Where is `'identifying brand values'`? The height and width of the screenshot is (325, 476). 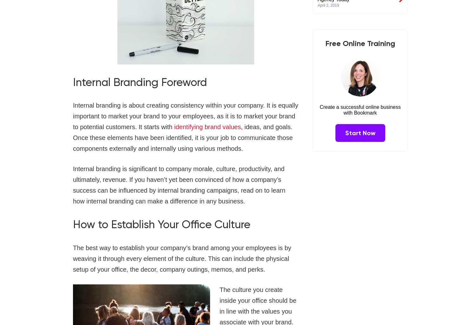 'identifying brand values' is located at coordinates (208, 126).